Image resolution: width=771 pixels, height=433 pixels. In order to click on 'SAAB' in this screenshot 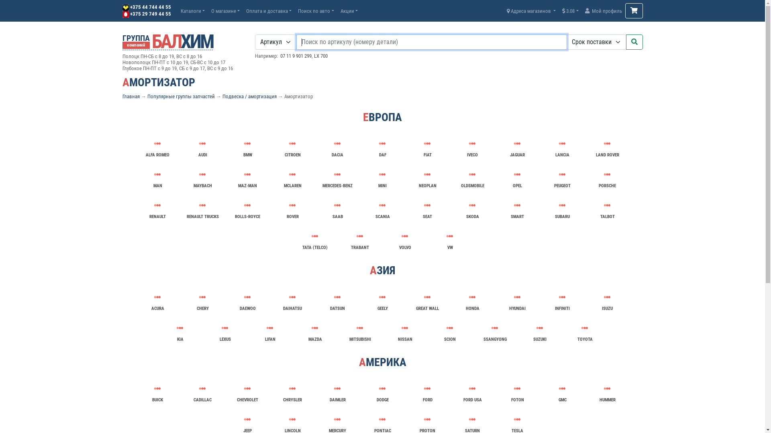, I will do `click(337, 208)`.